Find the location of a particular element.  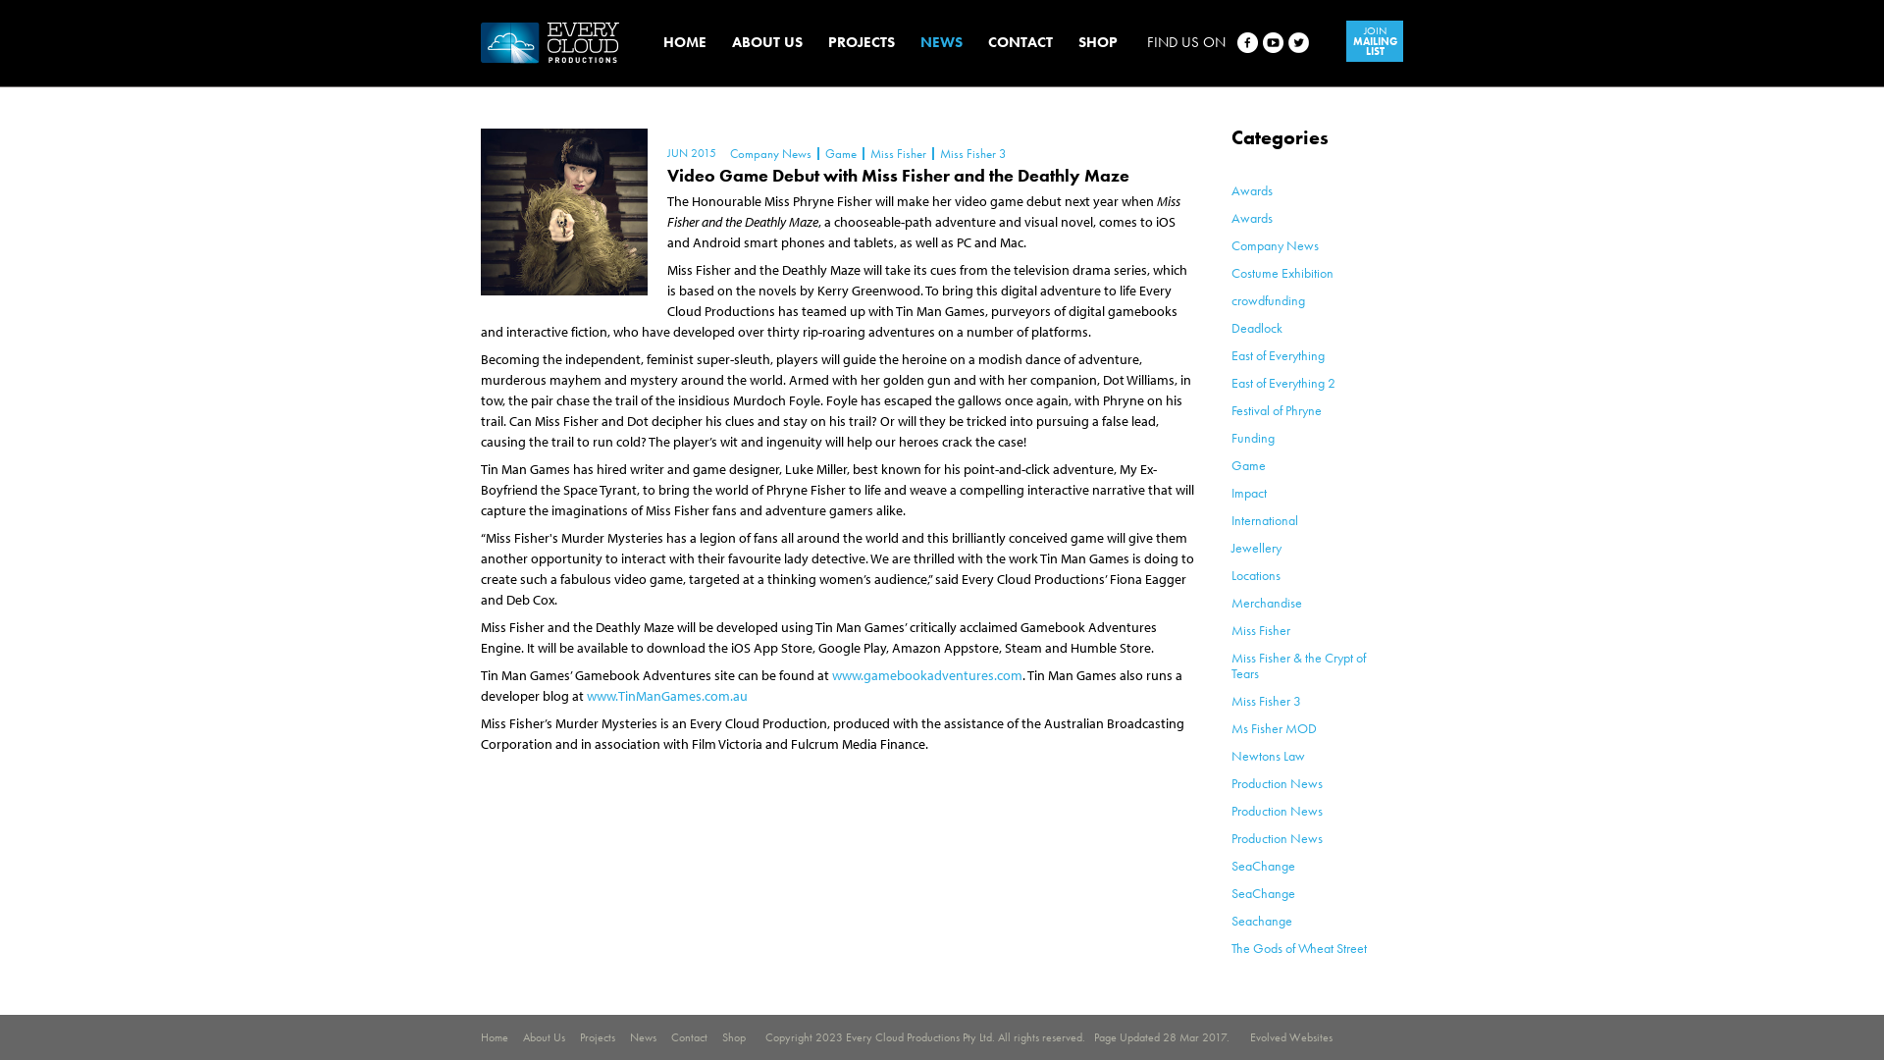

'East of Everything' is located at coordinates (1278, 355).